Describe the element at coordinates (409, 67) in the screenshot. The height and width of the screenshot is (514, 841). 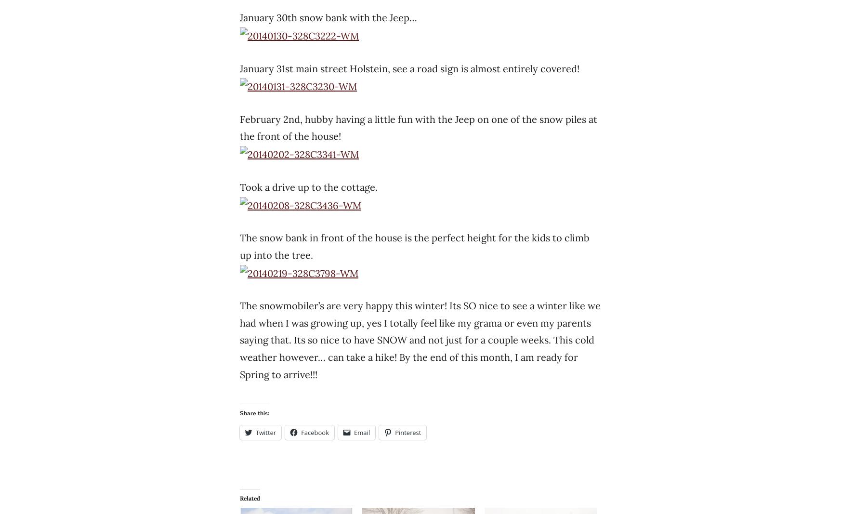
I see `'January 31st main street Holstein, see a road sign is almost entirely covered!'` at that location.